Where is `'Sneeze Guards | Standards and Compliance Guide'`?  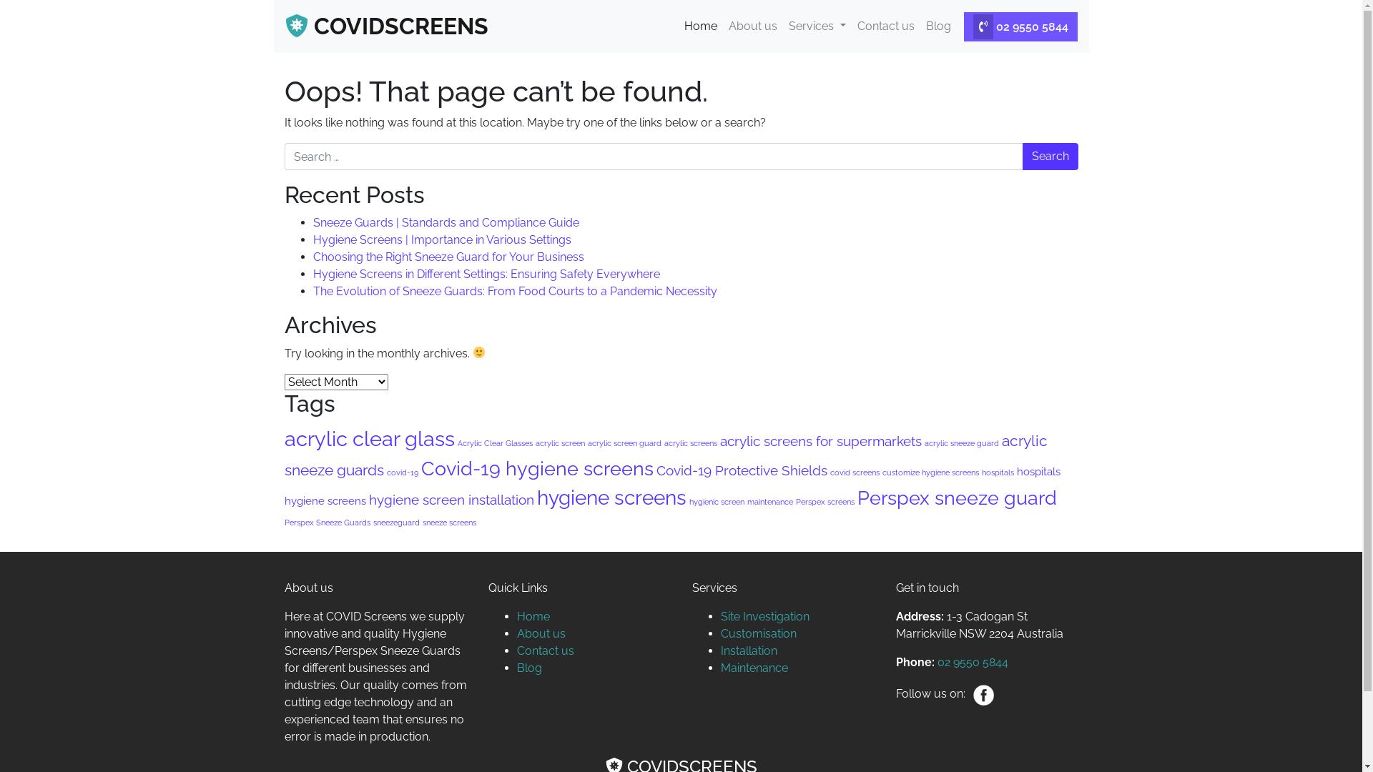
'Sneeze Guards | Standards and Compliance Guide' is located at coordinates (446, 222).